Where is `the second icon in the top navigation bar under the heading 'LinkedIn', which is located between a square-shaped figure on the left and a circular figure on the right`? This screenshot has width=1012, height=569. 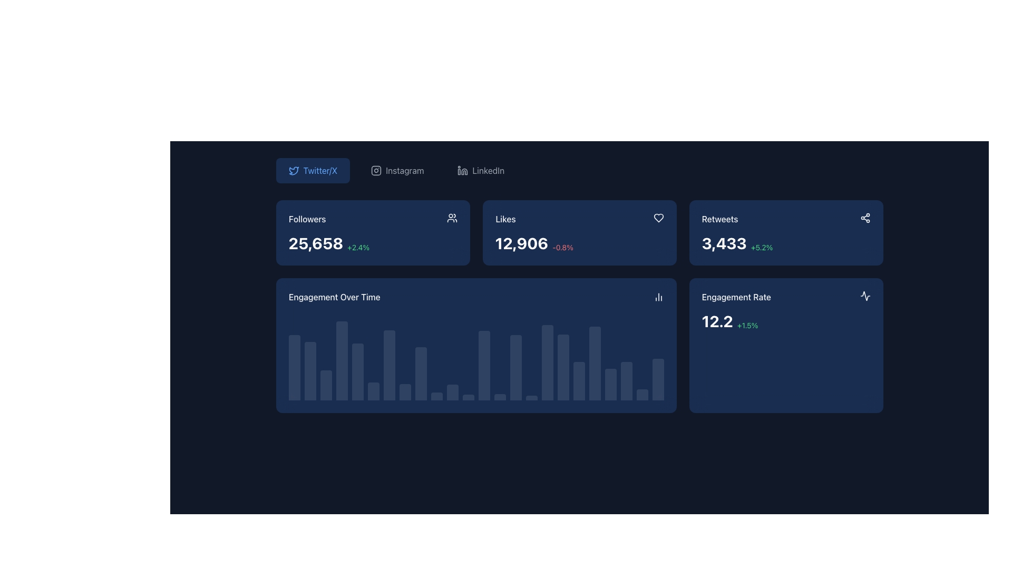 the second icon in the top navigation bar under the heading 'LinkedIn', which is located between a square-shaped figure on the left and a circular figure on the right is located at coordinates (464, 171).